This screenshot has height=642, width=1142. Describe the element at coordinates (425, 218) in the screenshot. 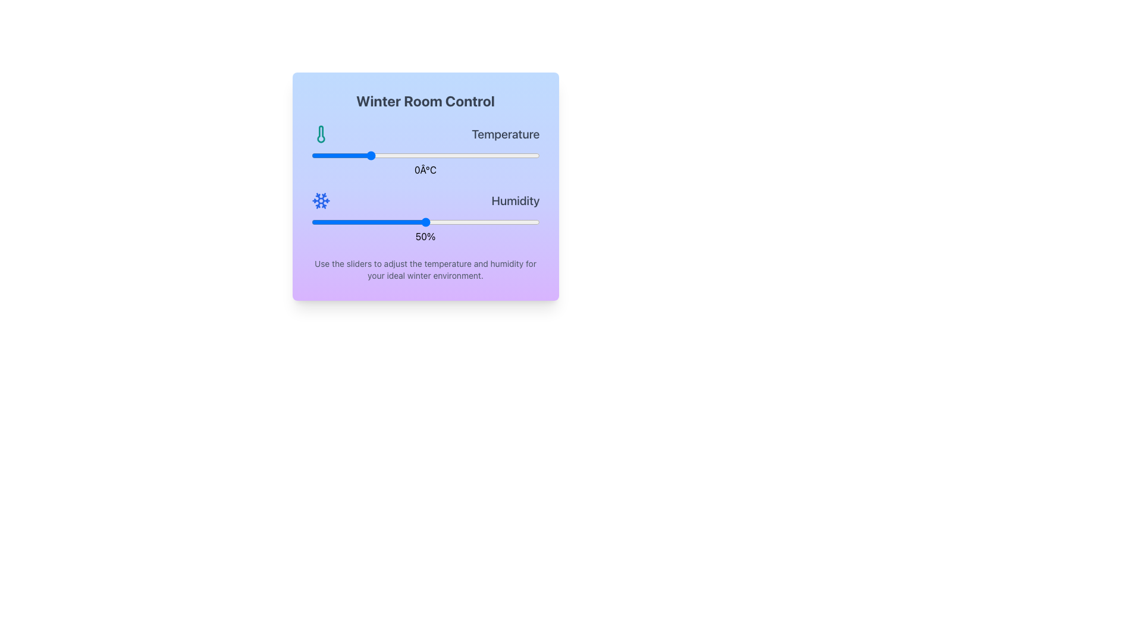

I see `the 'Humidity' slider` at that location.